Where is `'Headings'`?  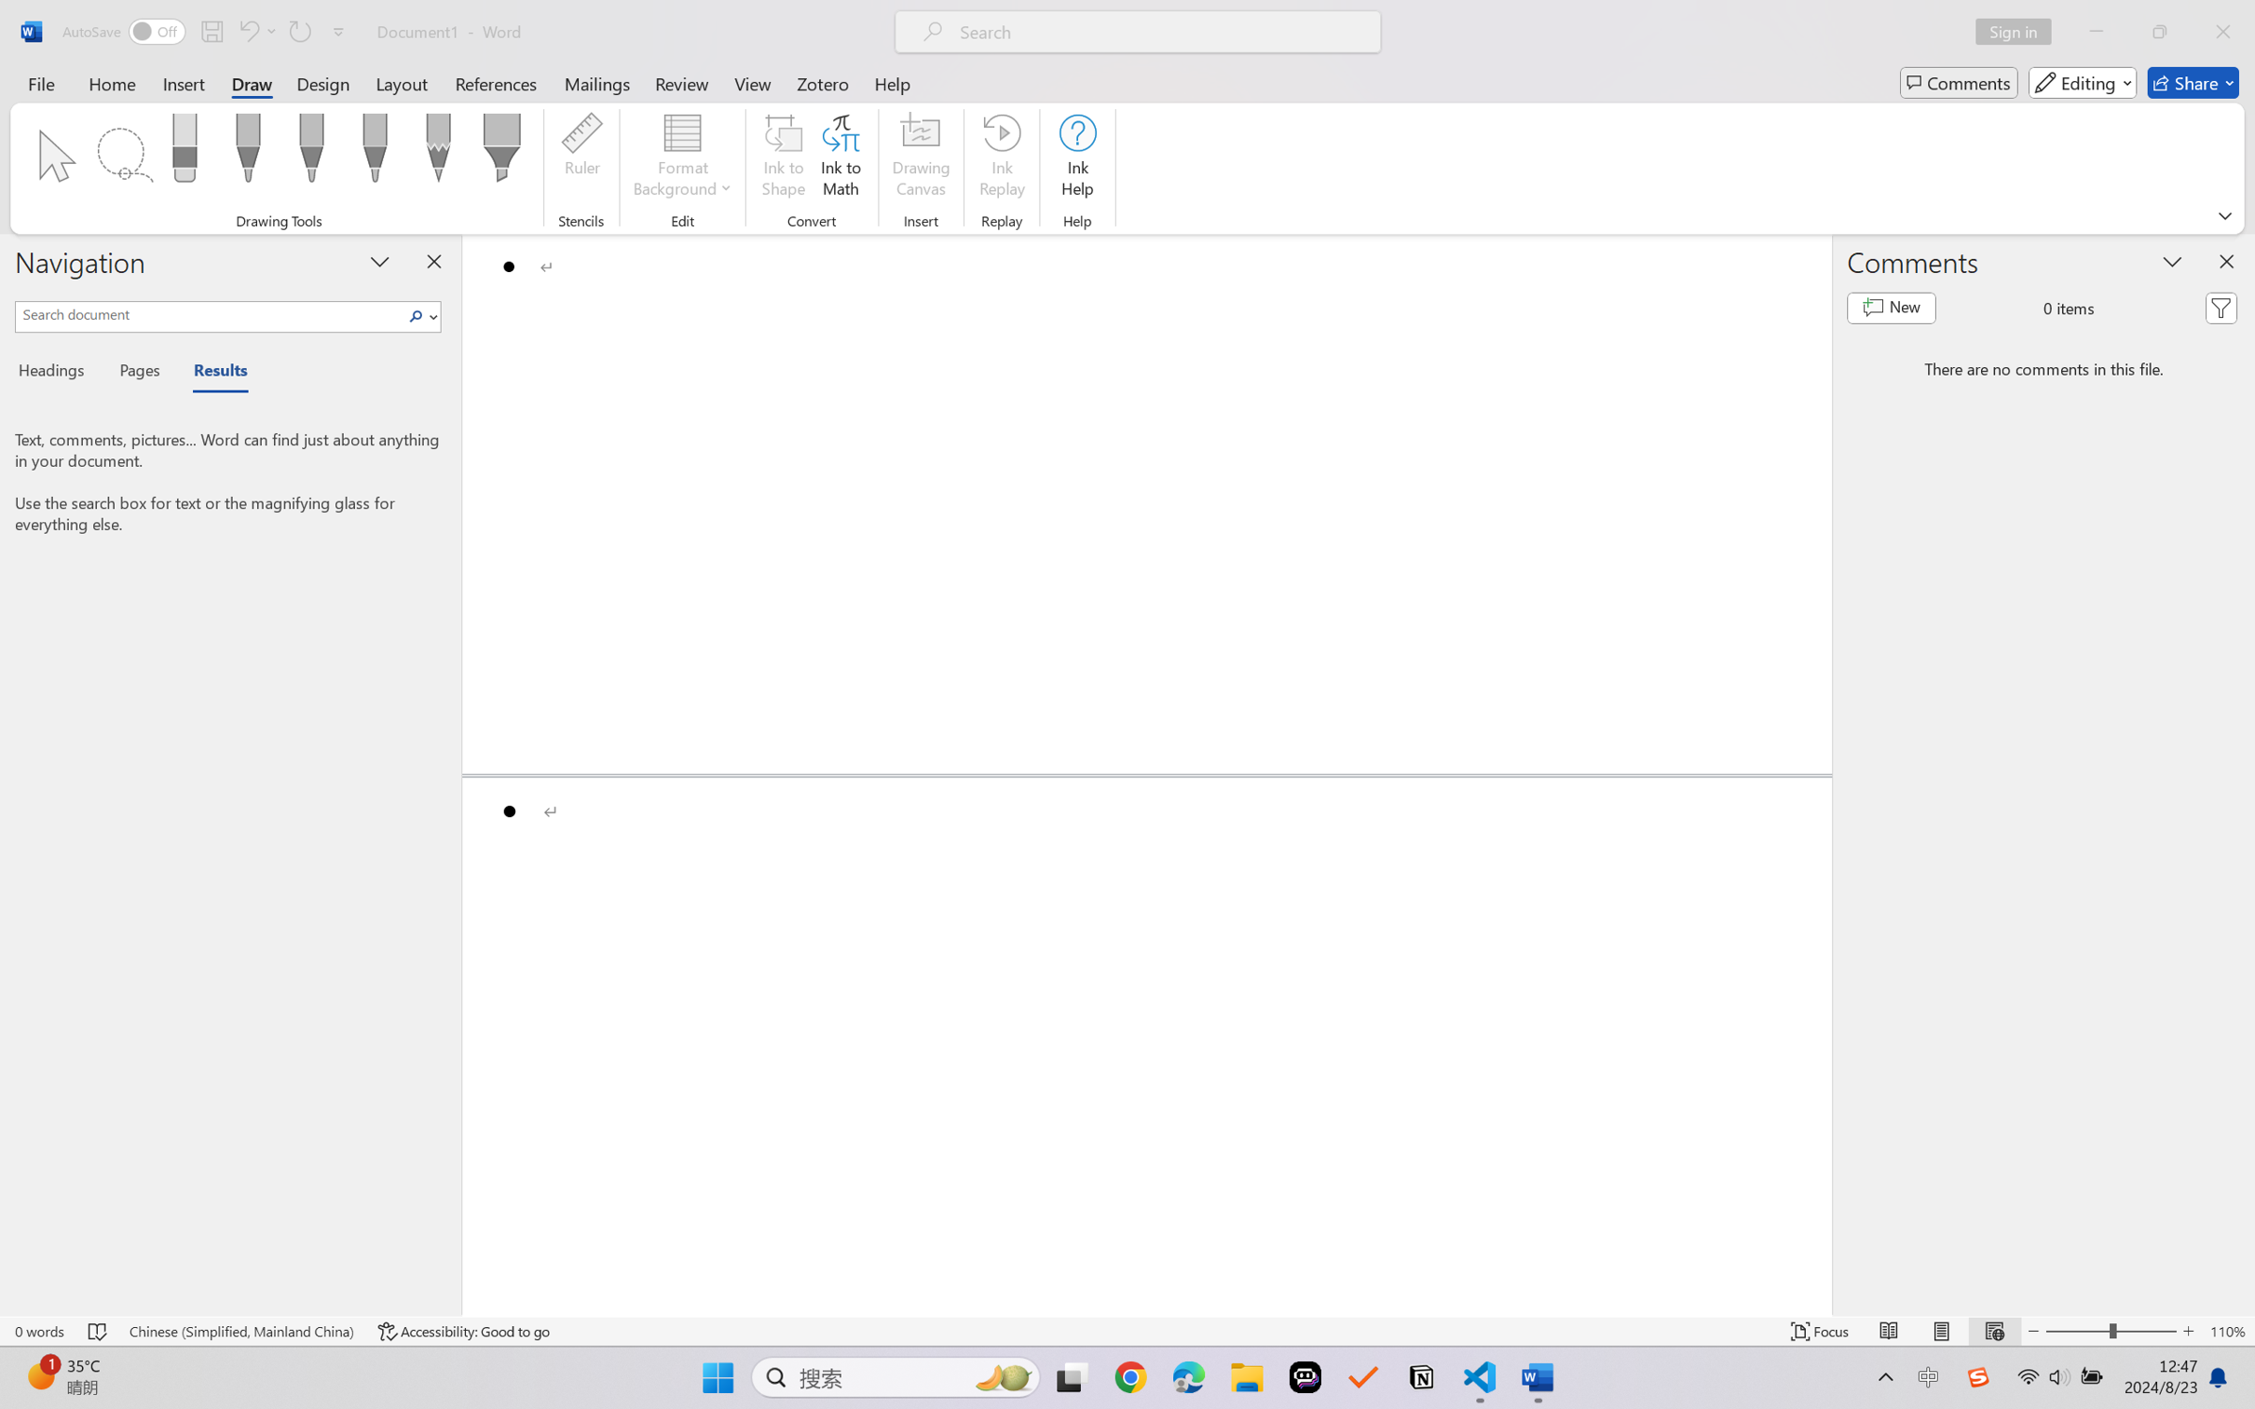
'Headings' is located at coordinates (57, 374).